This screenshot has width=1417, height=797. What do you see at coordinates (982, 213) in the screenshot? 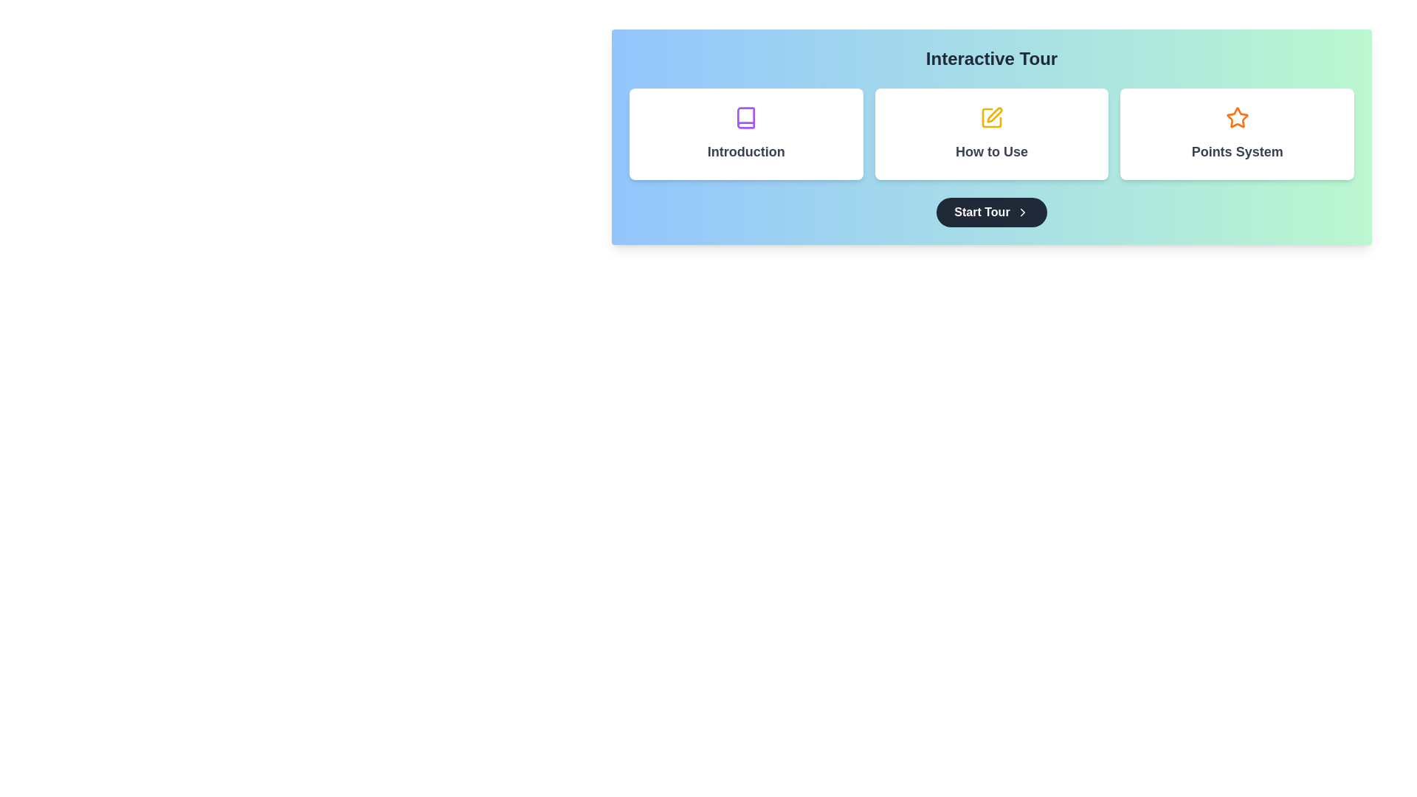
I see `the 'Start Tour' button located in the bottom section of the 'Interactive Tour' component to initiate the tour` at bounding box center [982, 213].